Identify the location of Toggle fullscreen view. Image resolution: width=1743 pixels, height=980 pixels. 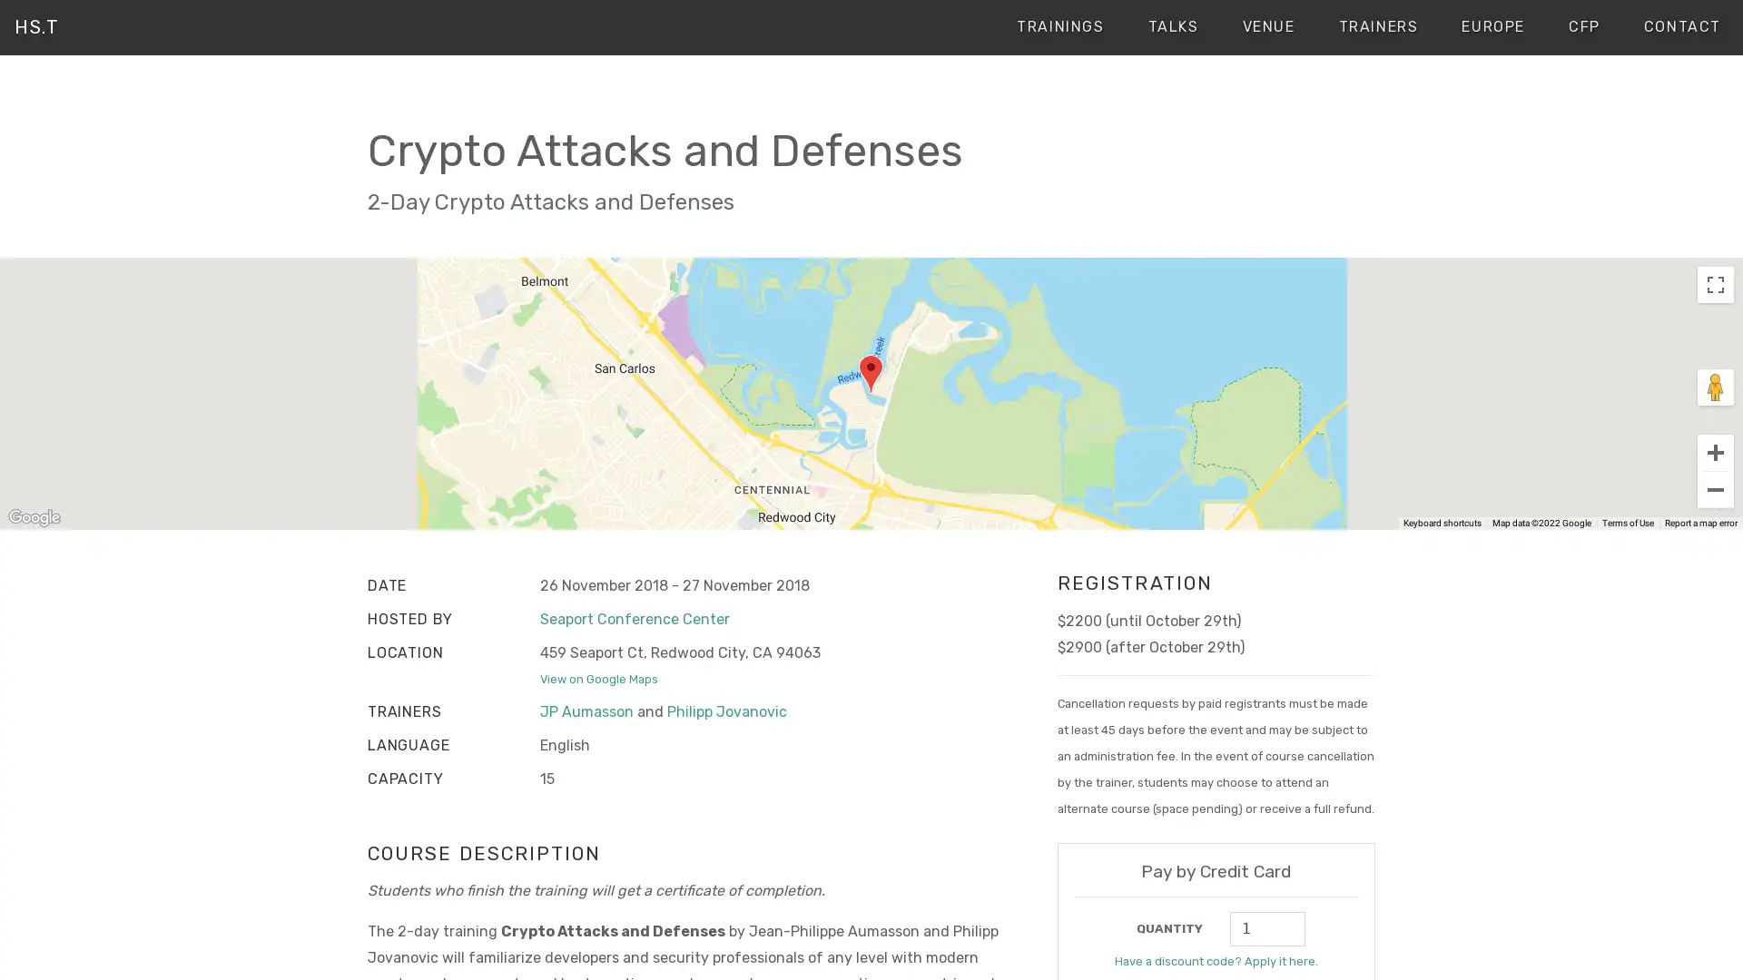
(1715, 283).